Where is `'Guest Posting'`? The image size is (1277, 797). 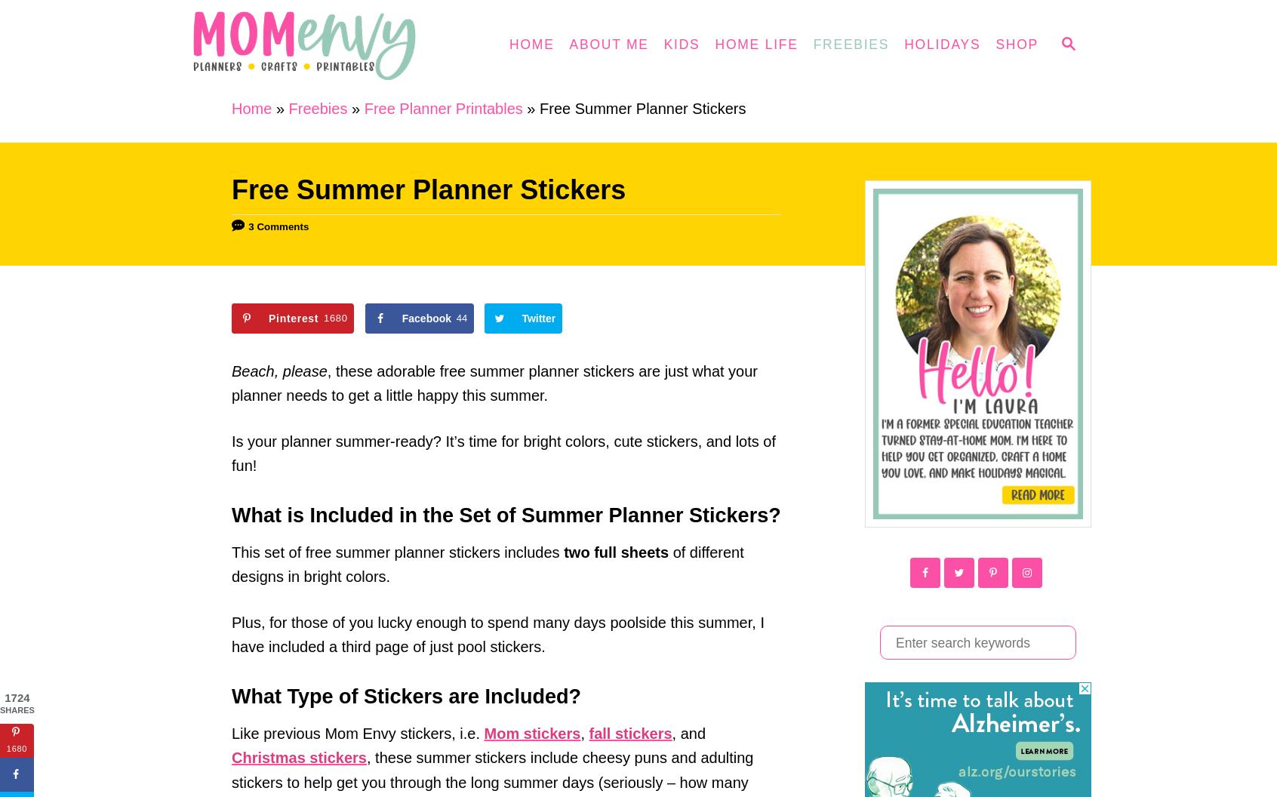
'Guest Posting' is located at coordinates (544, 279).